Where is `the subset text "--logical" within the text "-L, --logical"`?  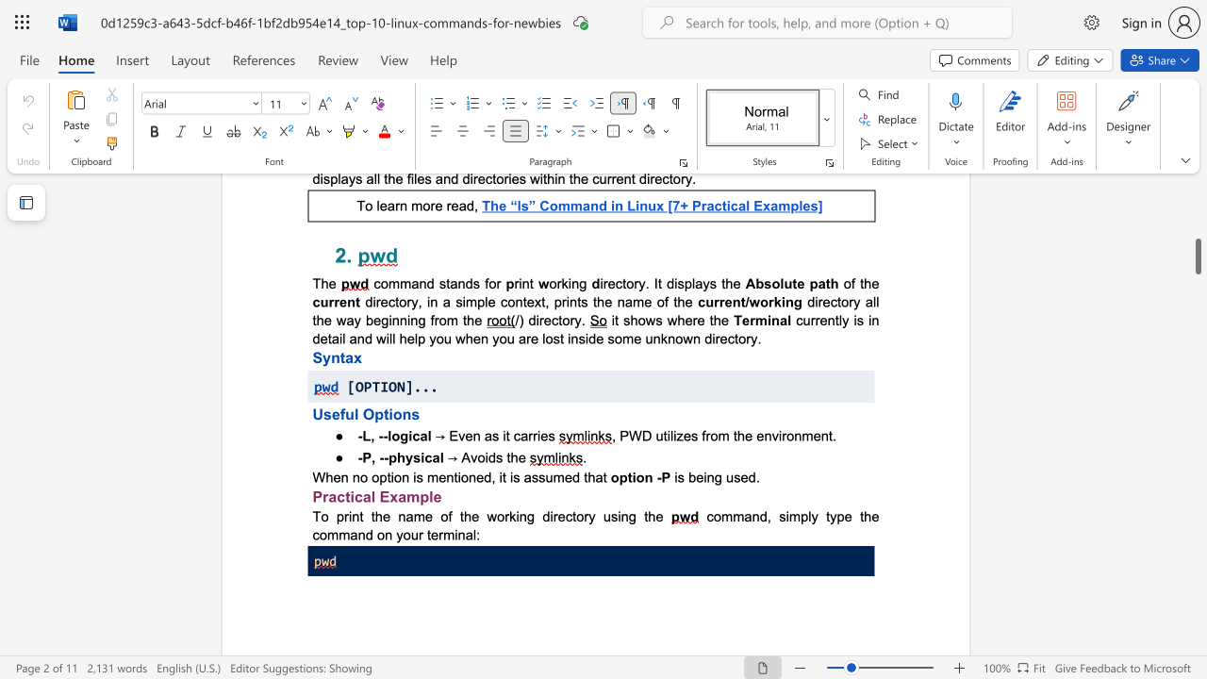
the subset text "--logical" within the text "-L, --logical" is located at coordinates (377, 436).